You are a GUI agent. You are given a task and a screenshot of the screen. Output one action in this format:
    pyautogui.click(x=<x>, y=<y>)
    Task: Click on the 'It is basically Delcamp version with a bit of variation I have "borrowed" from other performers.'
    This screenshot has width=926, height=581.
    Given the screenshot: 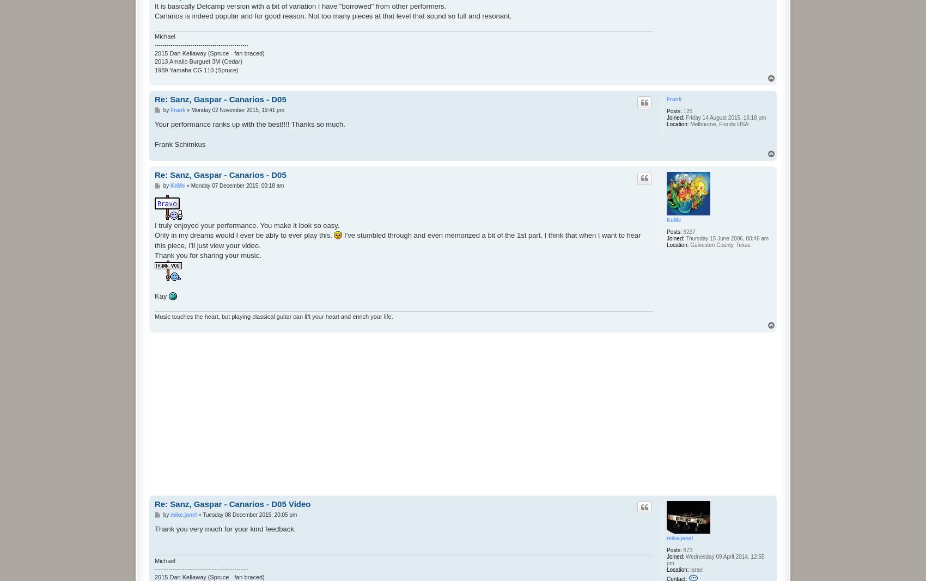 What is the action you would take?
    pyautogui.click(x=300, y=5)
    